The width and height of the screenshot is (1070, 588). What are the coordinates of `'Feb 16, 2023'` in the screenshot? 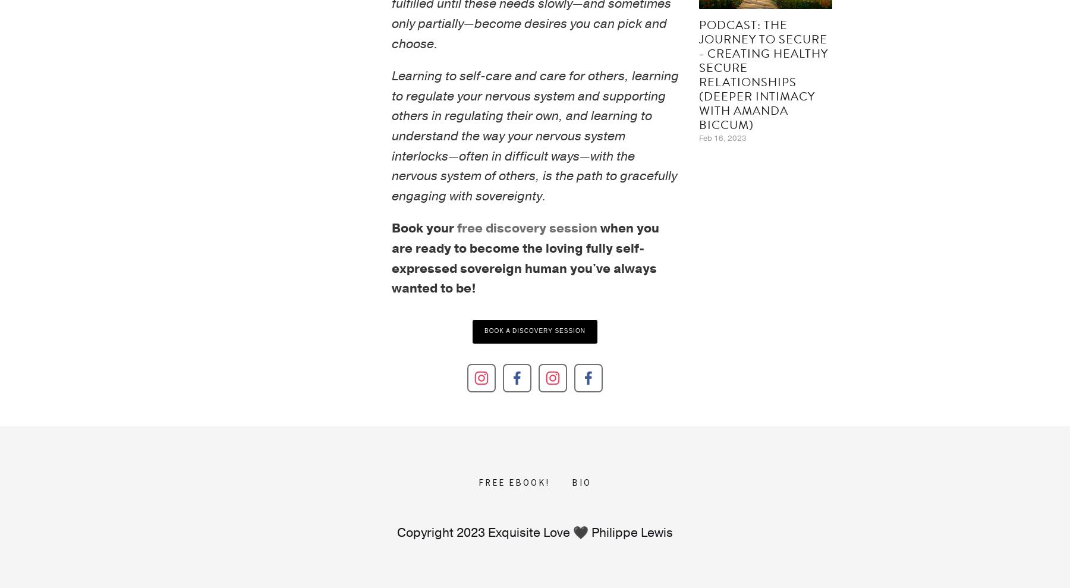 It's located at (722, 138).